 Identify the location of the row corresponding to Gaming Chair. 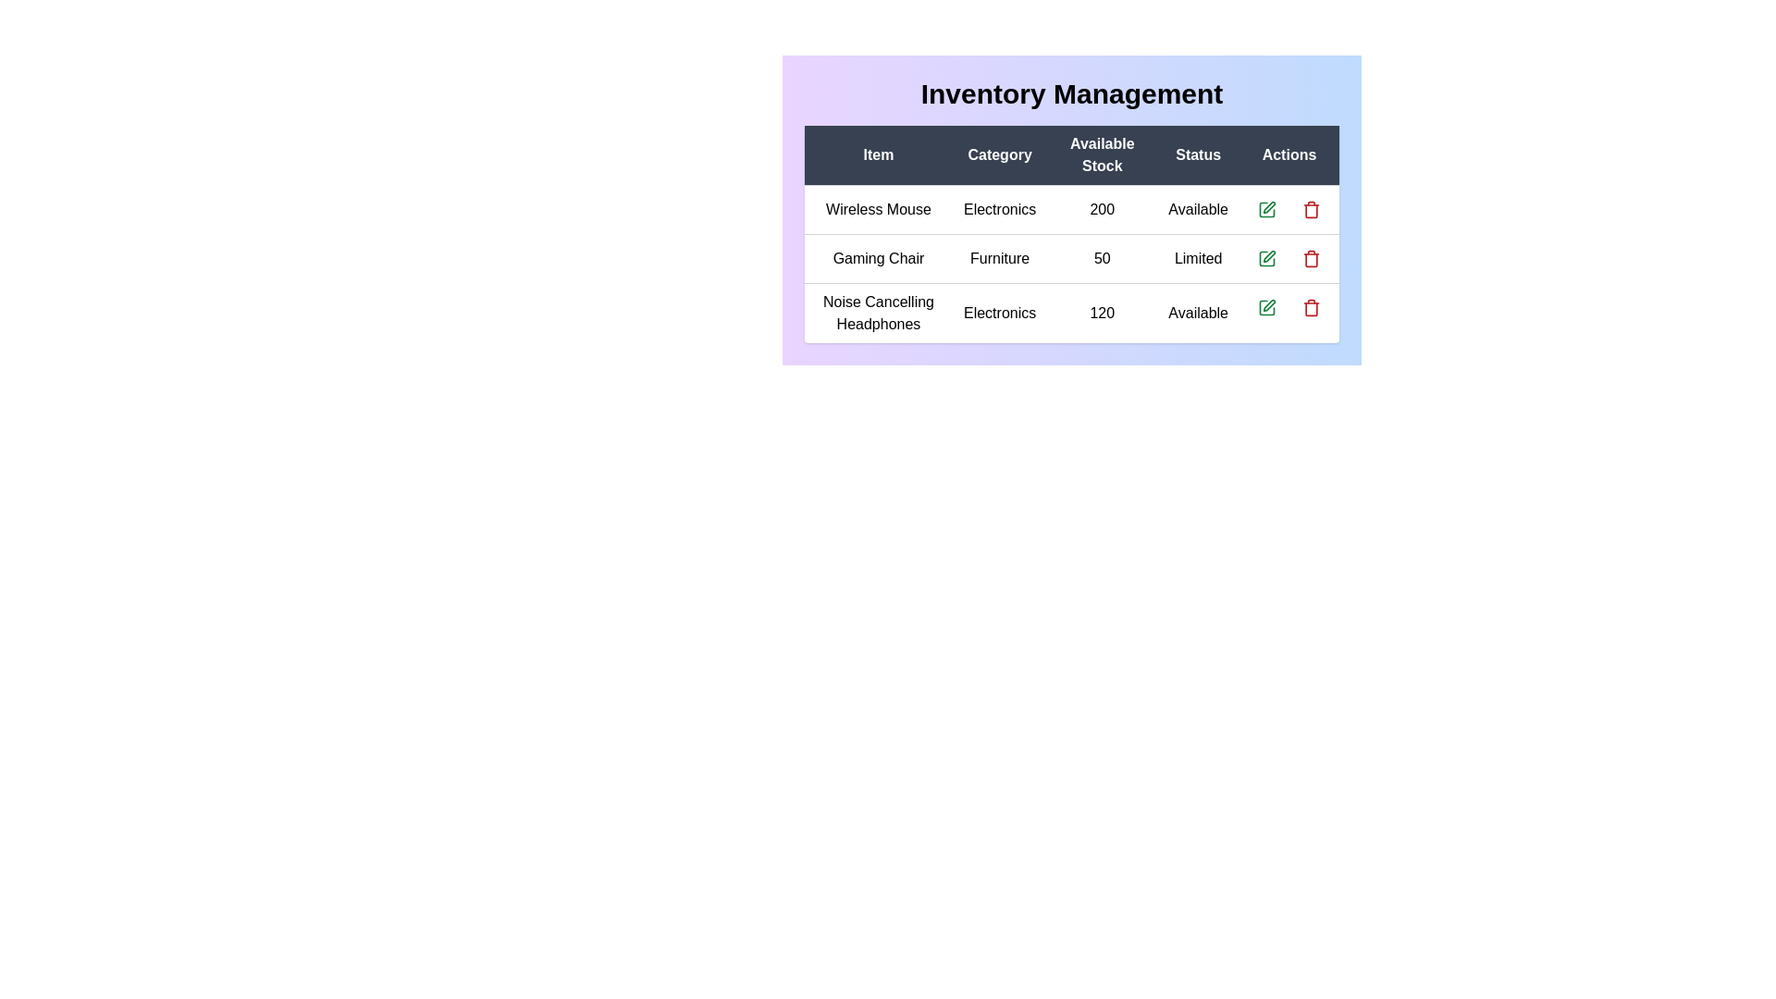
(1071, 259).